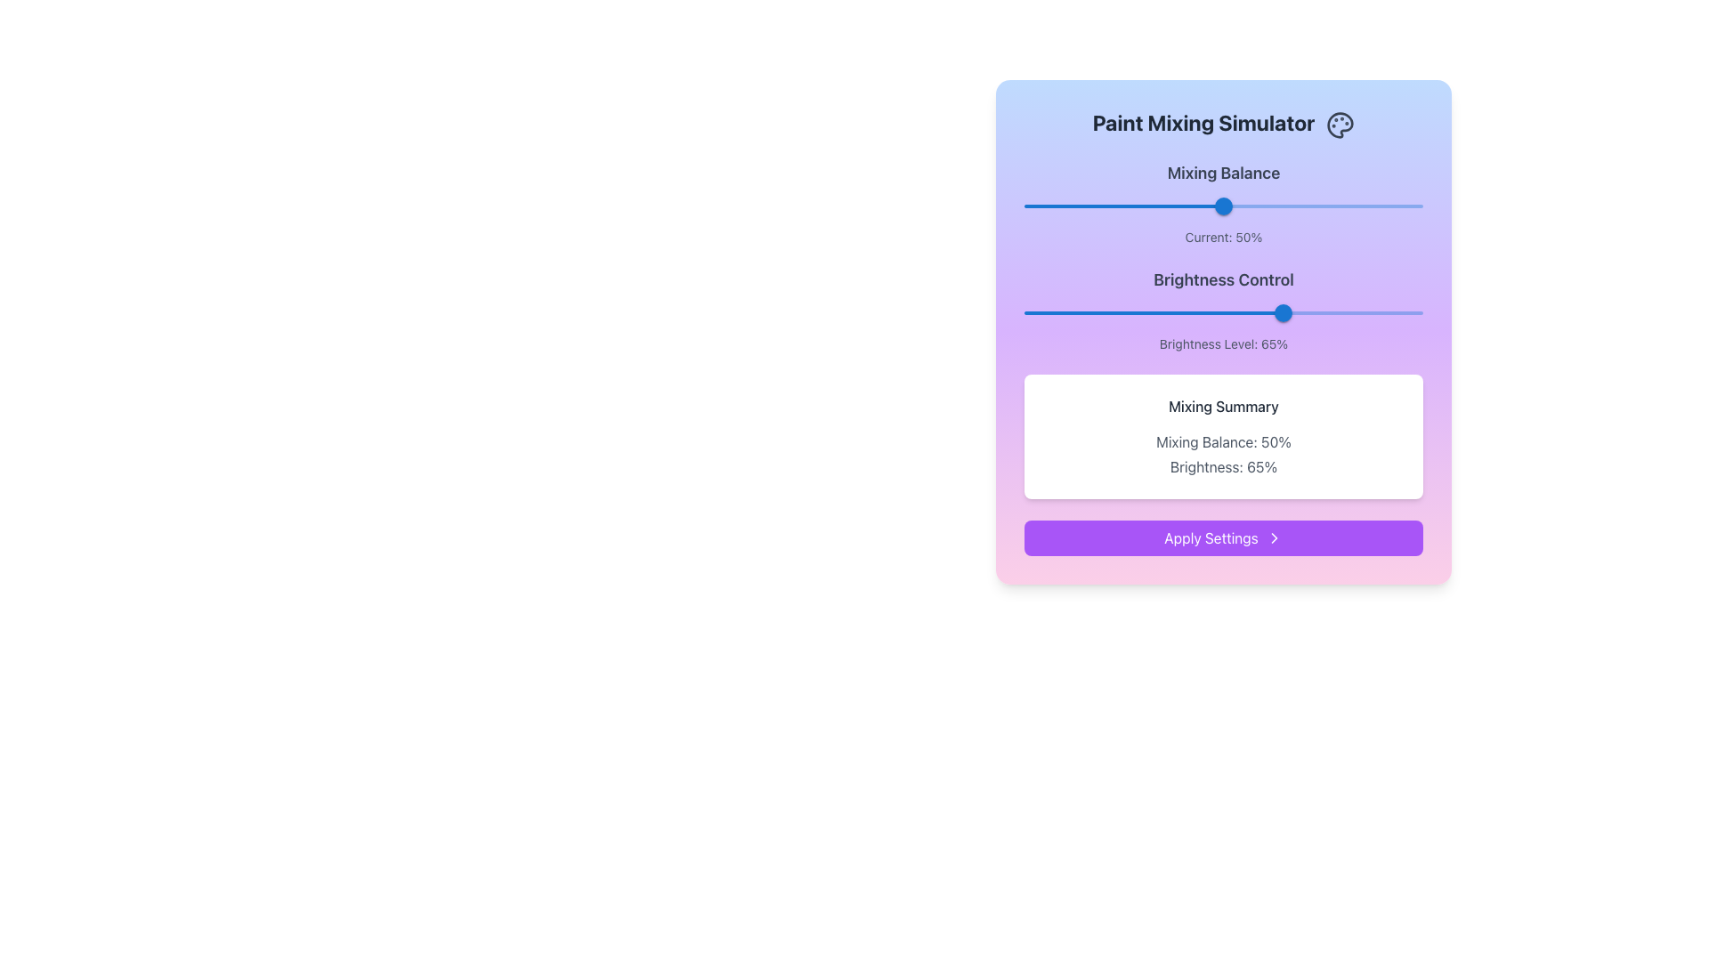 The image size is (1709, 961). I want to click on brightness level, so click(1219, 311).